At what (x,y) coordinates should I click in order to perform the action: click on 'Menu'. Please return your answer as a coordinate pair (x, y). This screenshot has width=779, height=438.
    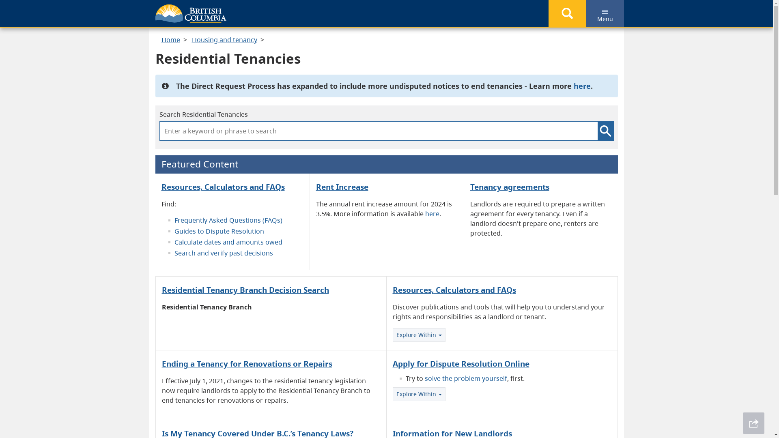
    Looking at the image, I should click on (605, 13).